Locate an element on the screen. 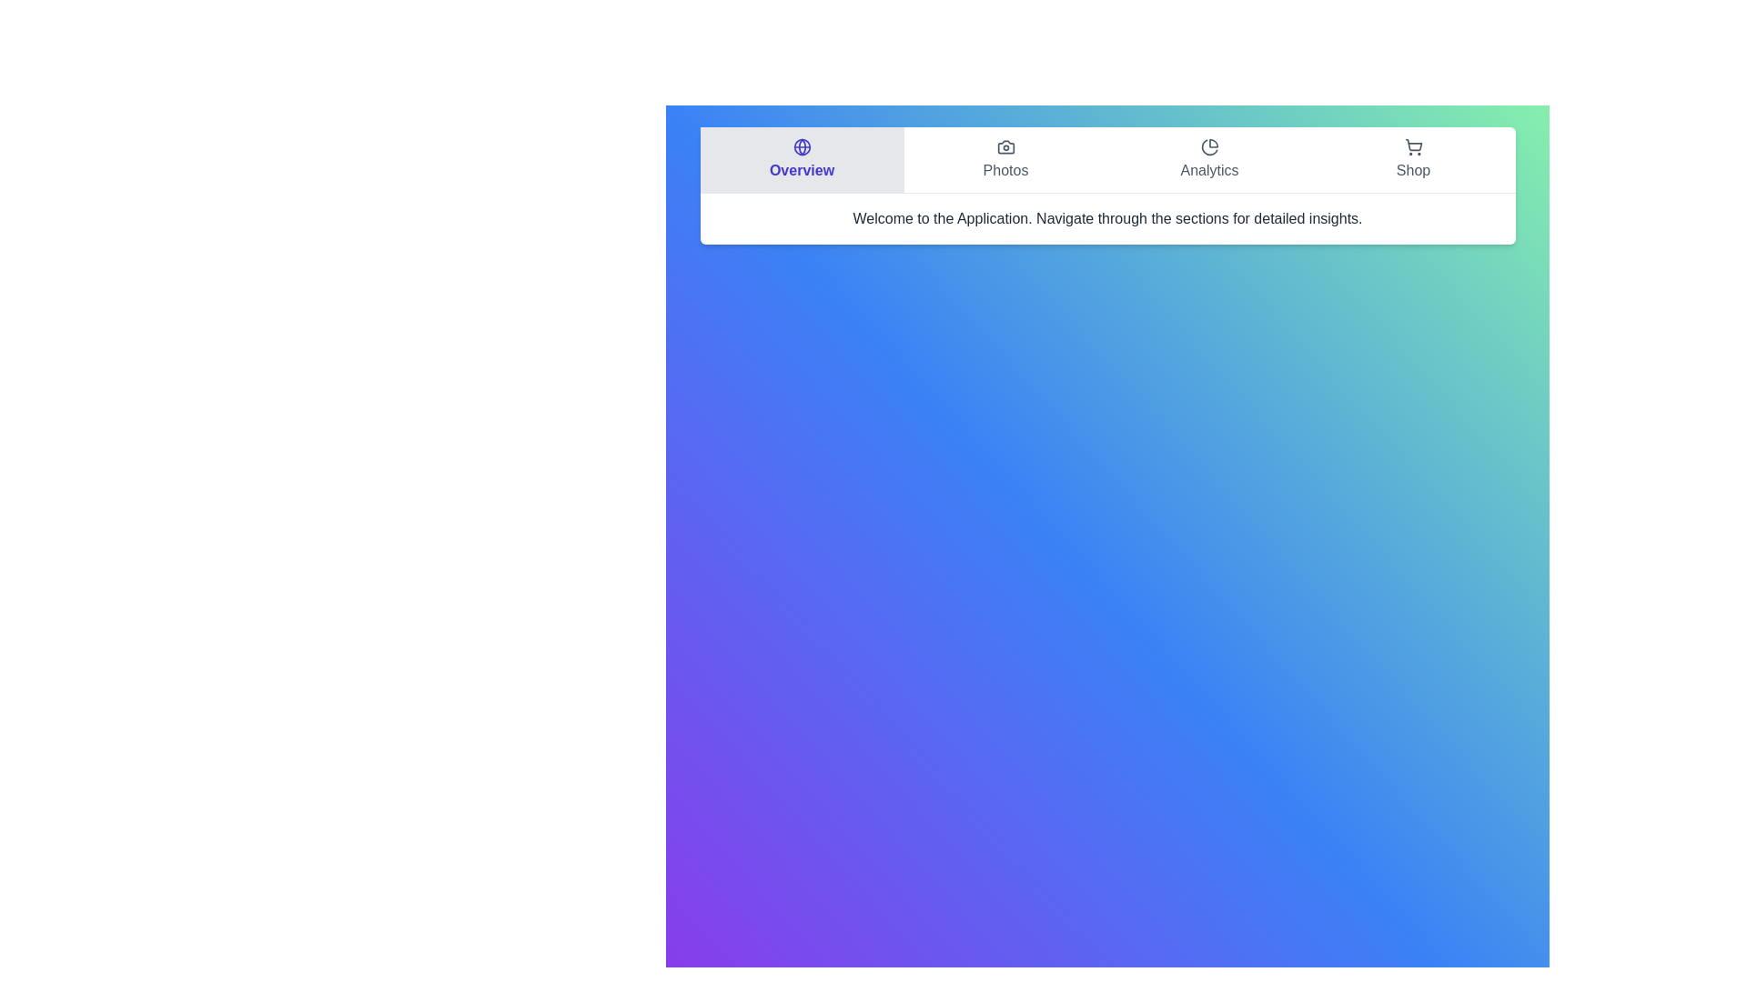 Image resolution: width=1747 pixels, height=982 pixels. the shopping cart icon located in the top-right section of the interface, next to the 'Analytics' section, which is part of the 'Shop' option in the navigation bar is located at coordinates (1412, 144).